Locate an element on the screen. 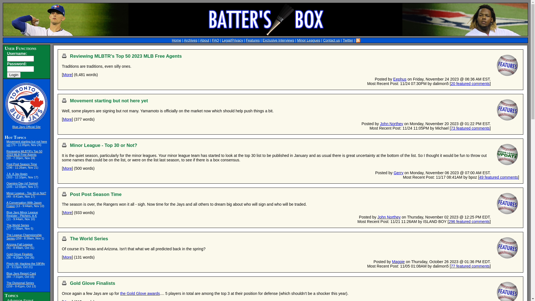 This screenshot has width=535, height=301. 'The League Championship Series' is located at coordinates (24, 236).